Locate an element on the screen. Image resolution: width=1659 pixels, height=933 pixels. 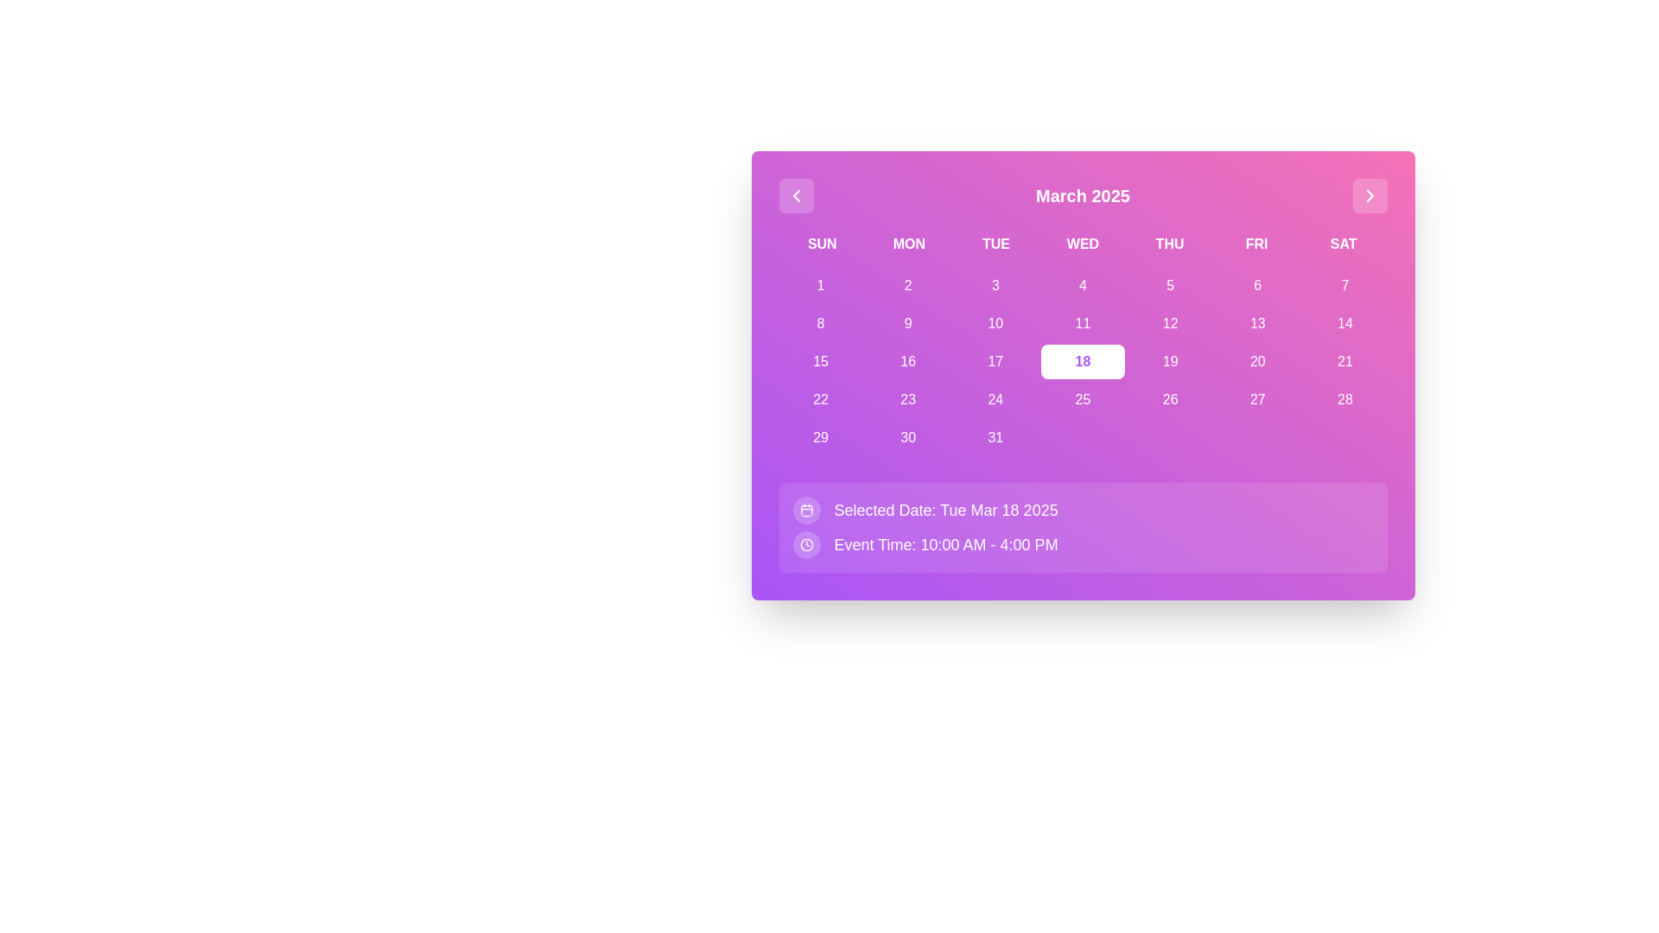
the 'Sun' text label, which is the first element in a row of days of the week is located at coordinates (821, 244).